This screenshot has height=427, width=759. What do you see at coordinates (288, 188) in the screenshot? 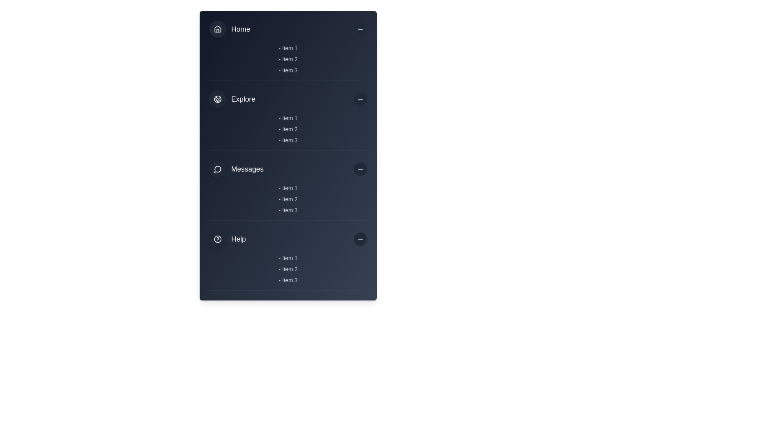
I see `the Text Label that serves as the first item in the Messages section, displaying information visually` at bounding box center [288, 188].